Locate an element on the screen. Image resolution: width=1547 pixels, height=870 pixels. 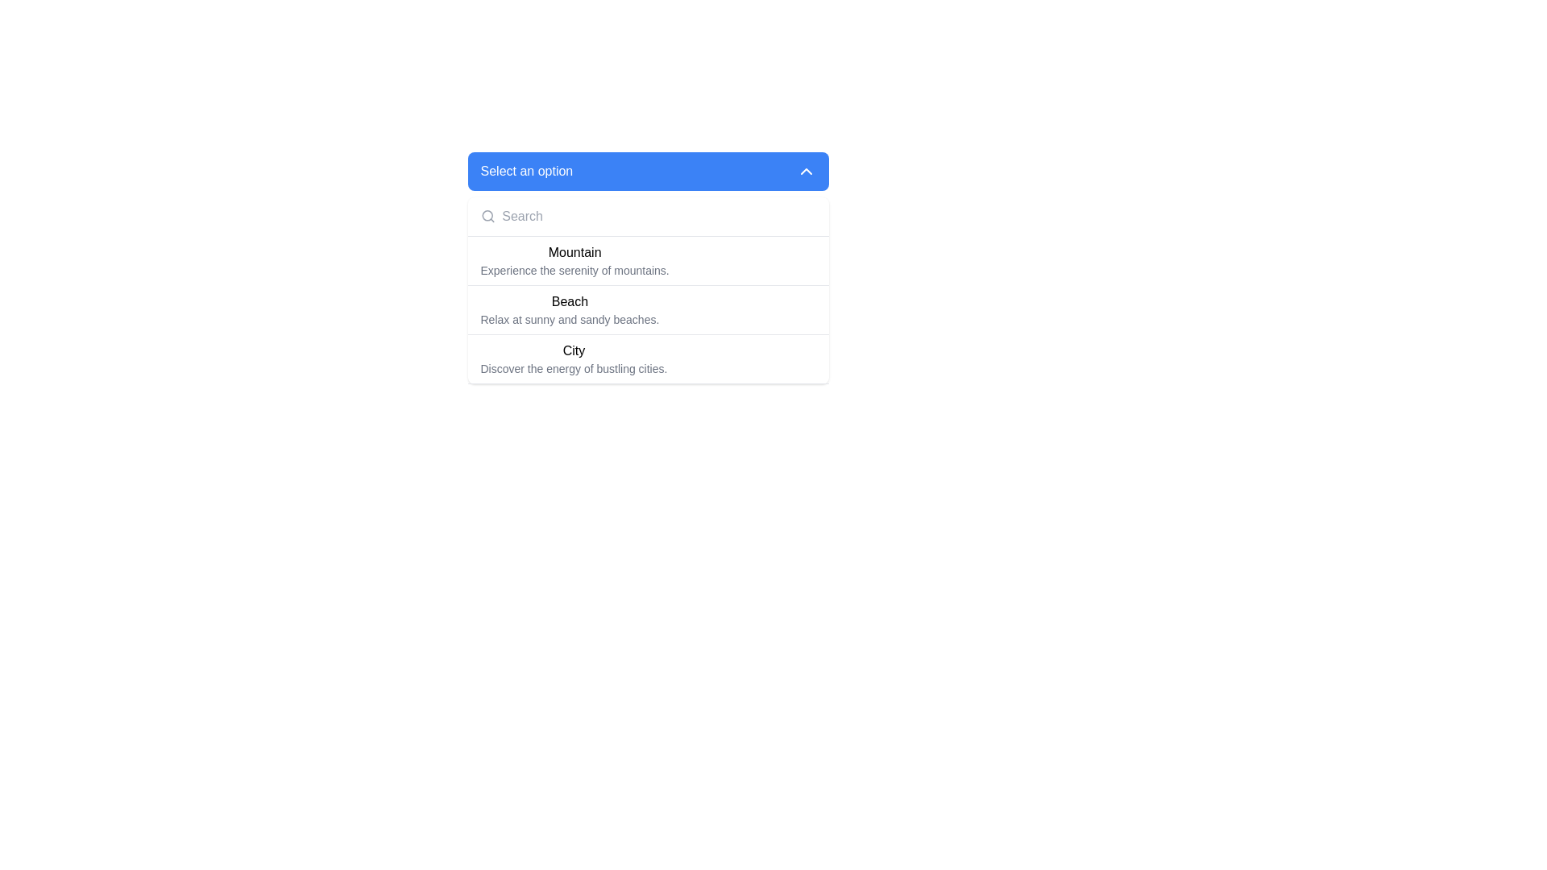
descriptive text label located in the dropdown menu beneath the 'Beach' title, which provides additional information about a beach-related option is located at coordinates (570, 320).